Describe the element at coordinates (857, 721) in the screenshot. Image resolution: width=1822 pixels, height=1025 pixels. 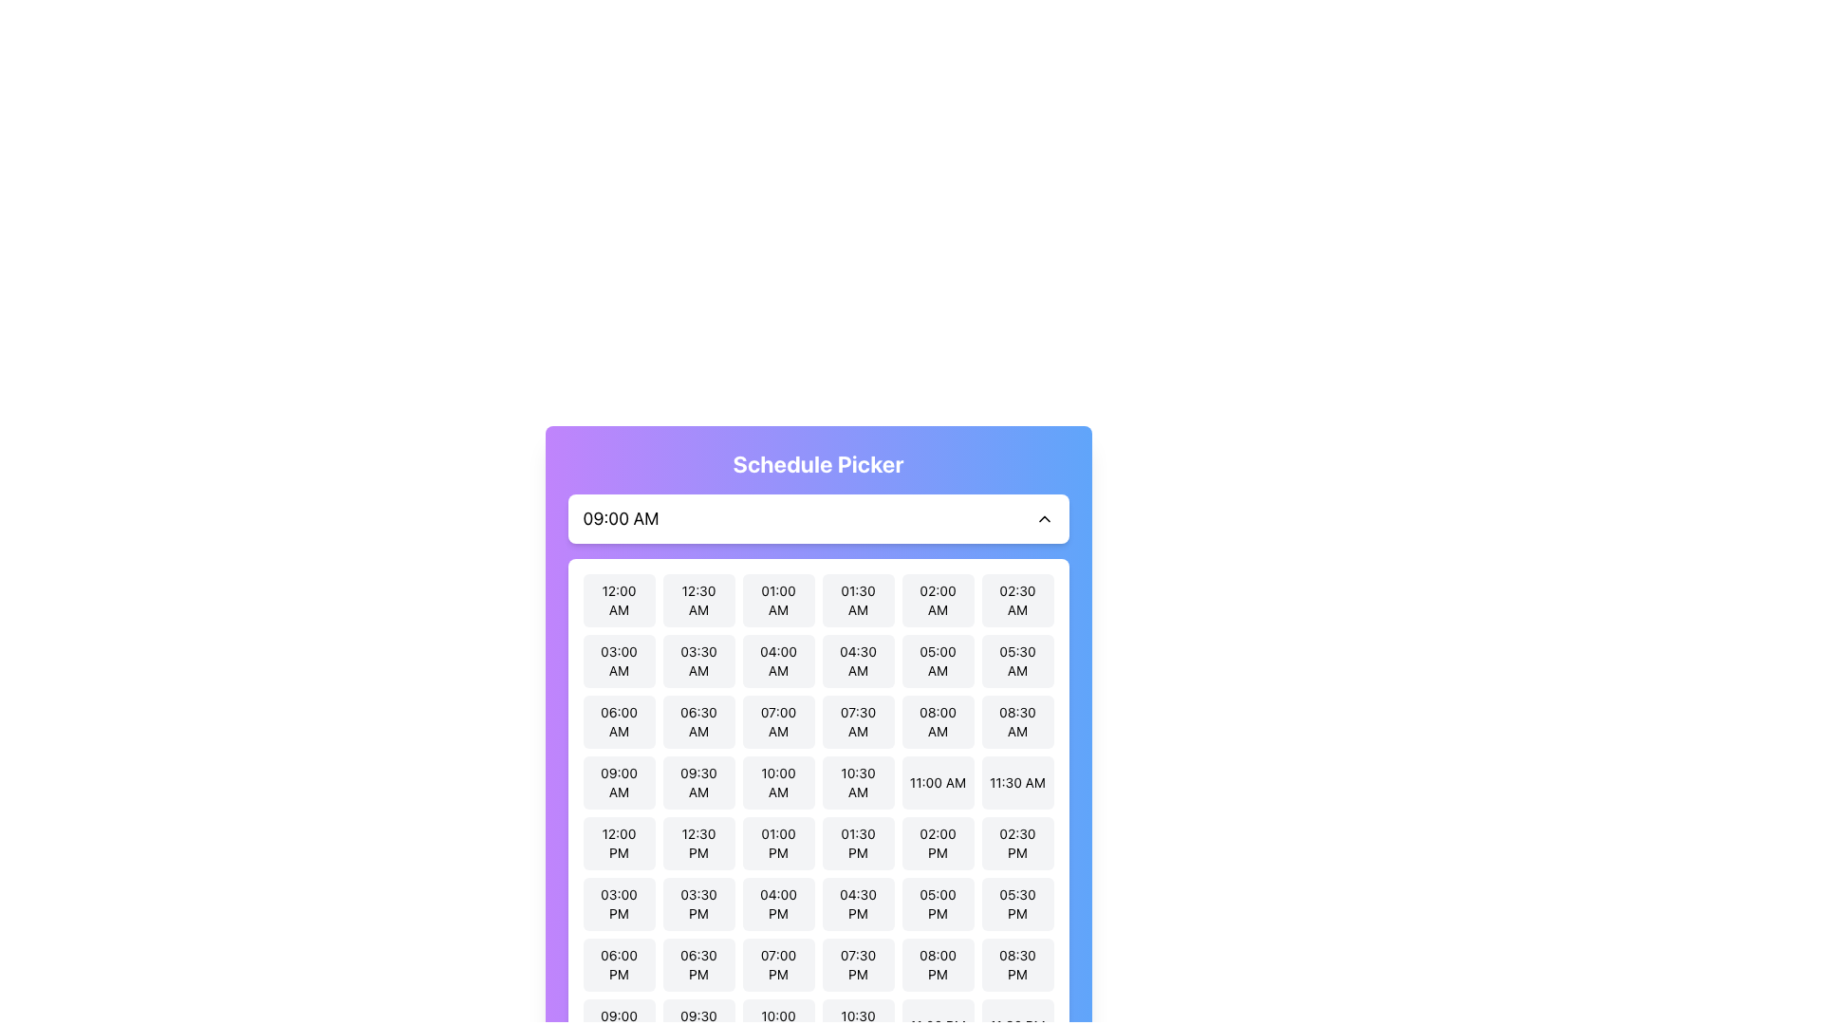
I see `the '07:30 AM' button located in the second column of the fourth row of the time selection grid` at that location.